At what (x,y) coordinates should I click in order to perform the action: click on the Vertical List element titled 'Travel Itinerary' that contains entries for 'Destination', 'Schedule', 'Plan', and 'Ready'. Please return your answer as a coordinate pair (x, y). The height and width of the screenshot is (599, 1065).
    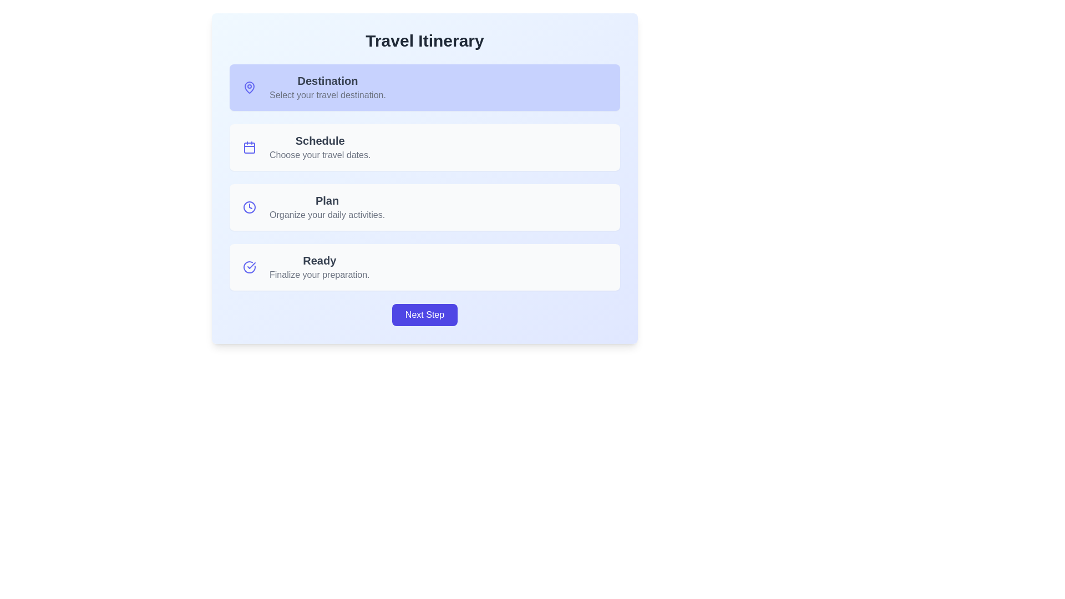
    Looking at the image, I should click on (424, 177).